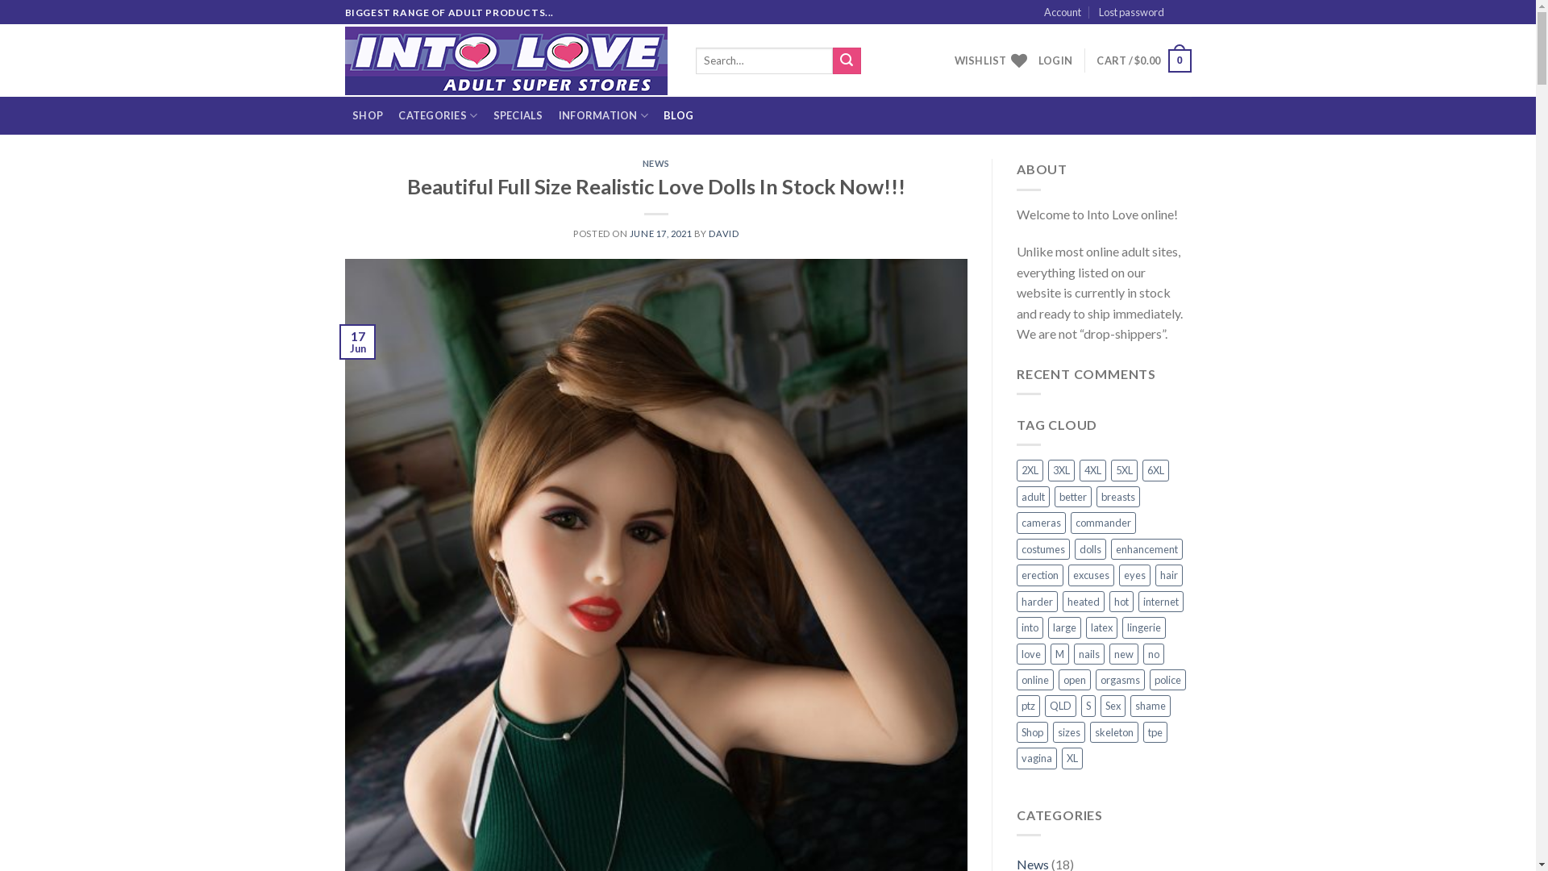 The width and height of the screenshot is (1548, 871). I want to click on 'ptz', so click(1027, 705).